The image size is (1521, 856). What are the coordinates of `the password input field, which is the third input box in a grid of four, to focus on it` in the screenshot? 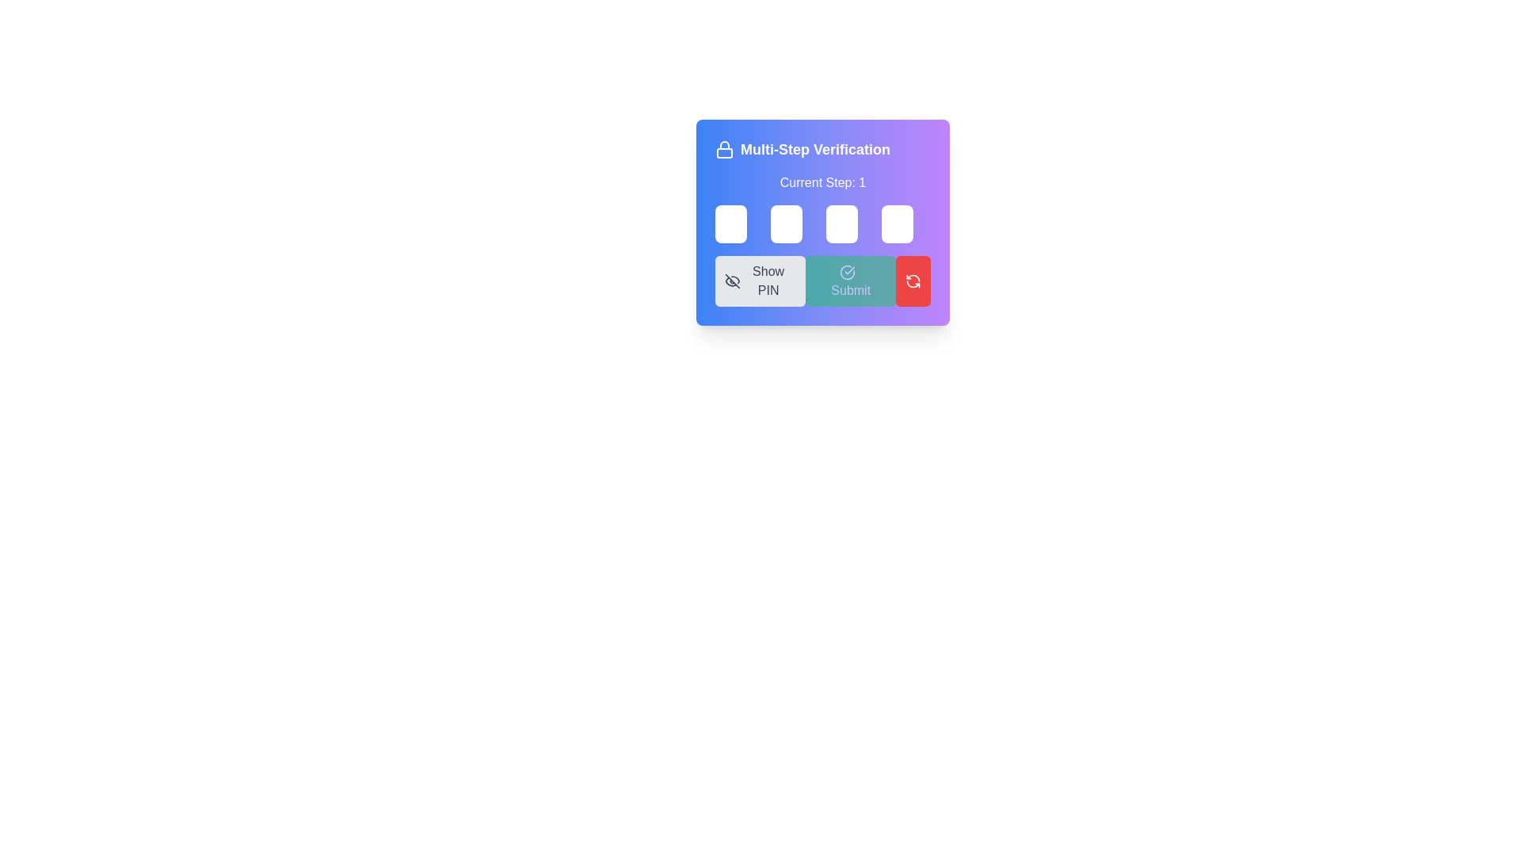 It's located at (841, 224).